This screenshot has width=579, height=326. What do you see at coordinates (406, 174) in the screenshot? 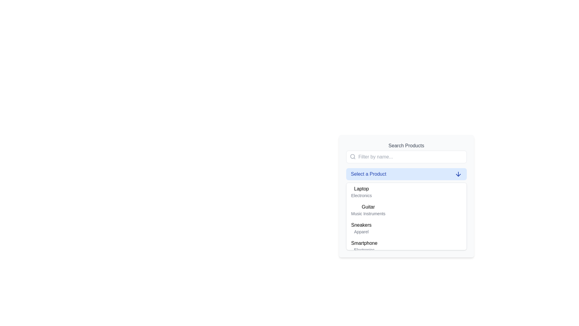
I see `the Dropdown button located within the white box labeled 'Search Products', positioned directly below the search bar, to open the menu for selecting a product` at bounding box center [406, 174].